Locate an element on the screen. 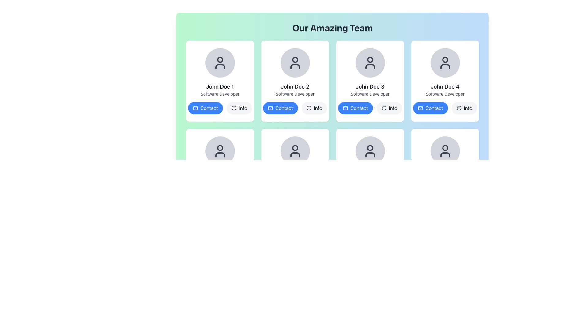 Image resolution: width=588 pixels, height=331 pixels. the user avatar icon located in the third column of the second row within the grid of user profiles is located at coordinates (295, 151).